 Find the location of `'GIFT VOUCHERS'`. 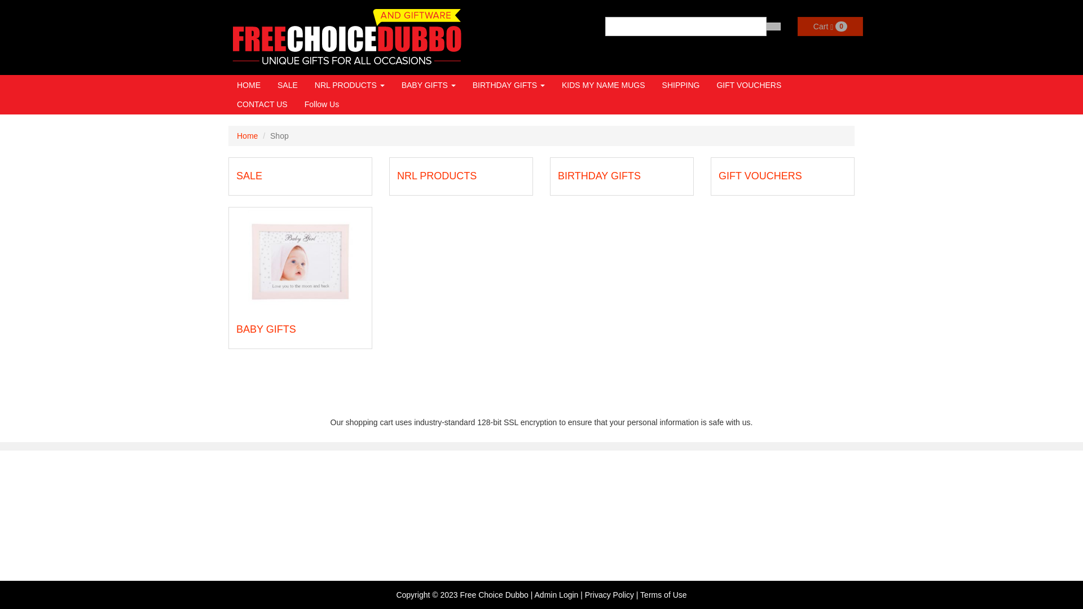

'GIFT VOUCHERS' is located at coordinates (707, 84).